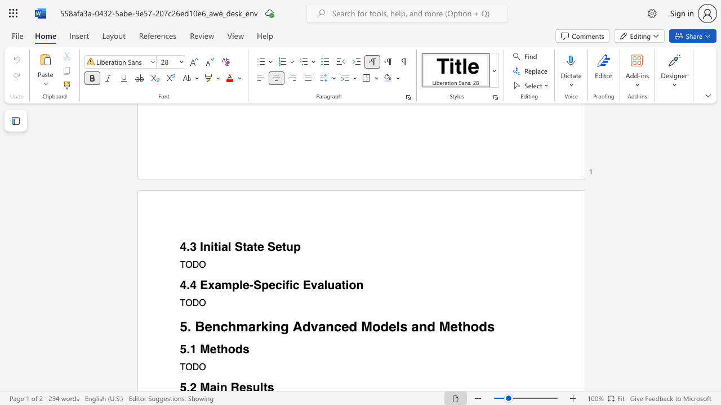 The width and height of the screenshot is (721, 405). Describe the element at coordinates (220, 349) in the screenshot. I see `the subset text "ho" within the text "5.1 Methods"` at that location.